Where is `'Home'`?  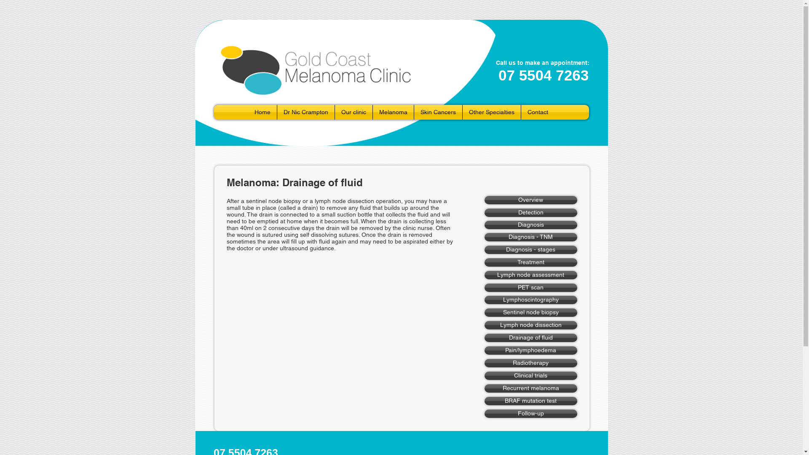 'Home' is located at coordinates (248, 112).